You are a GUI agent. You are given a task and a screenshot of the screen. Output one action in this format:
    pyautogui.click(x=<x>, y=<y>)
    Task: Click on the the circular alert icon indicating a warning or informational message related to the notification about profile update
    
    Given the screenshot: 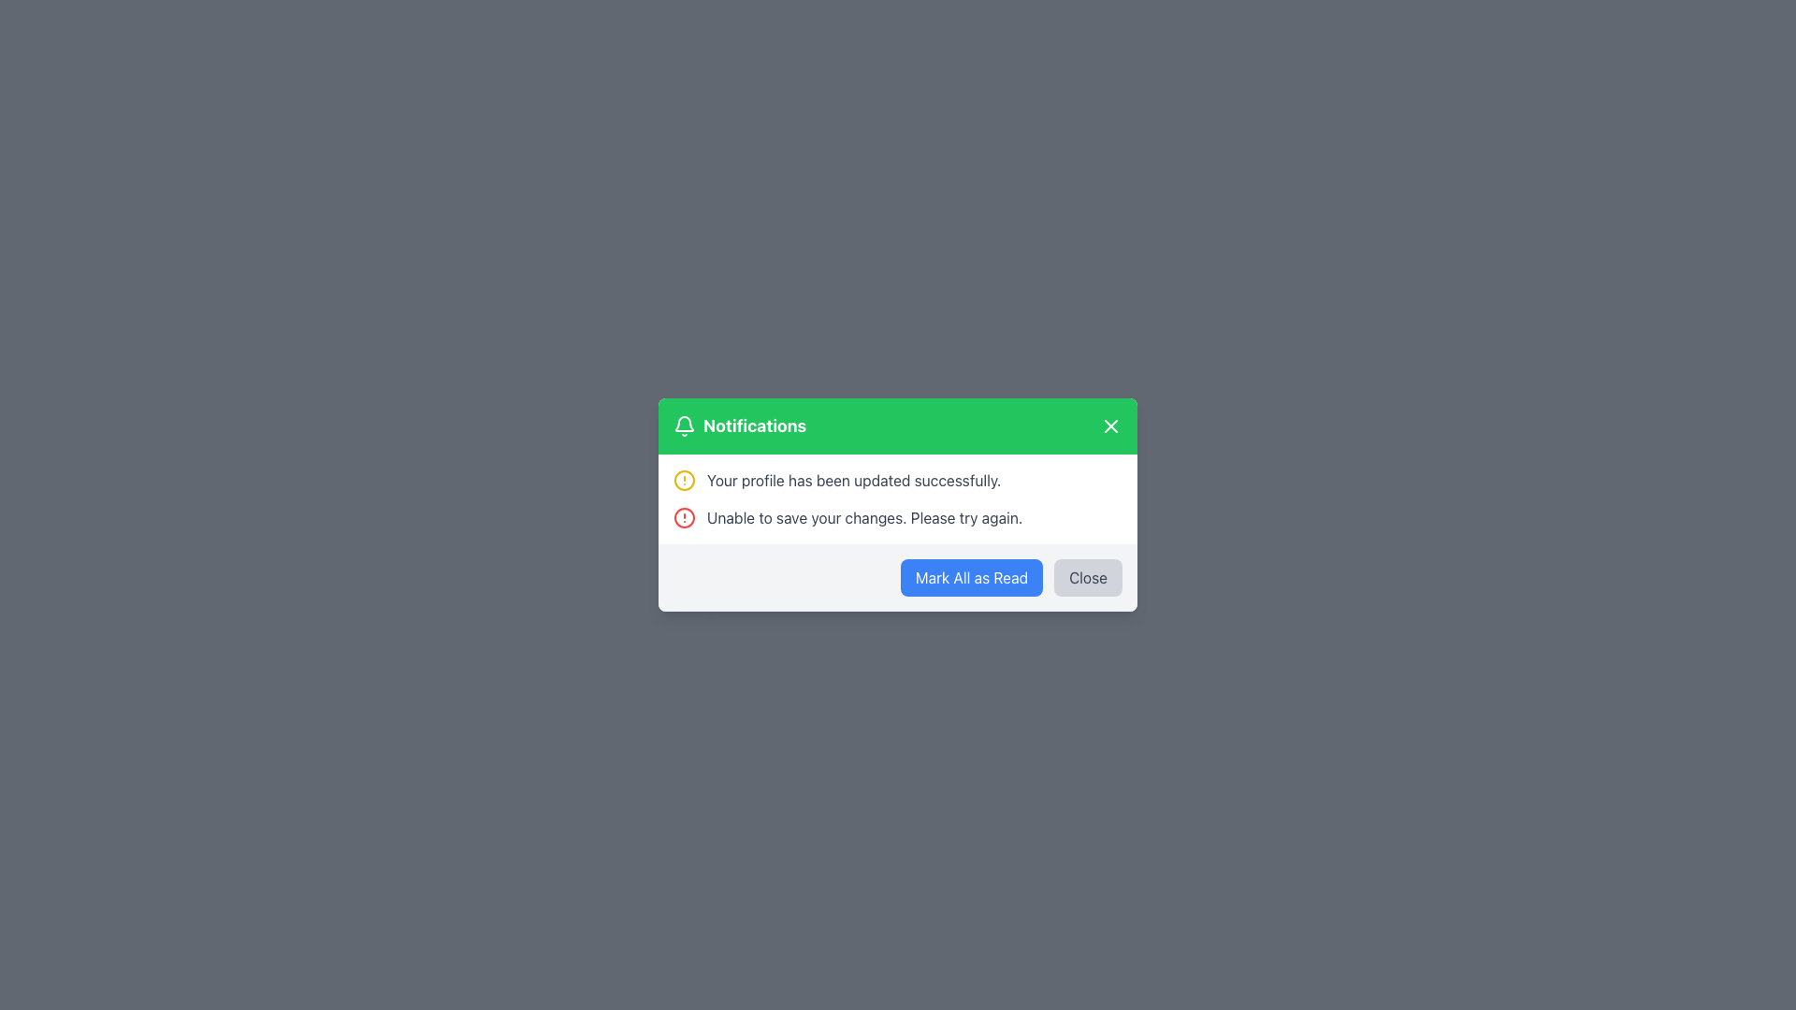 What is the action you would take?
    pyautogui.click(x=683, y=479)
    